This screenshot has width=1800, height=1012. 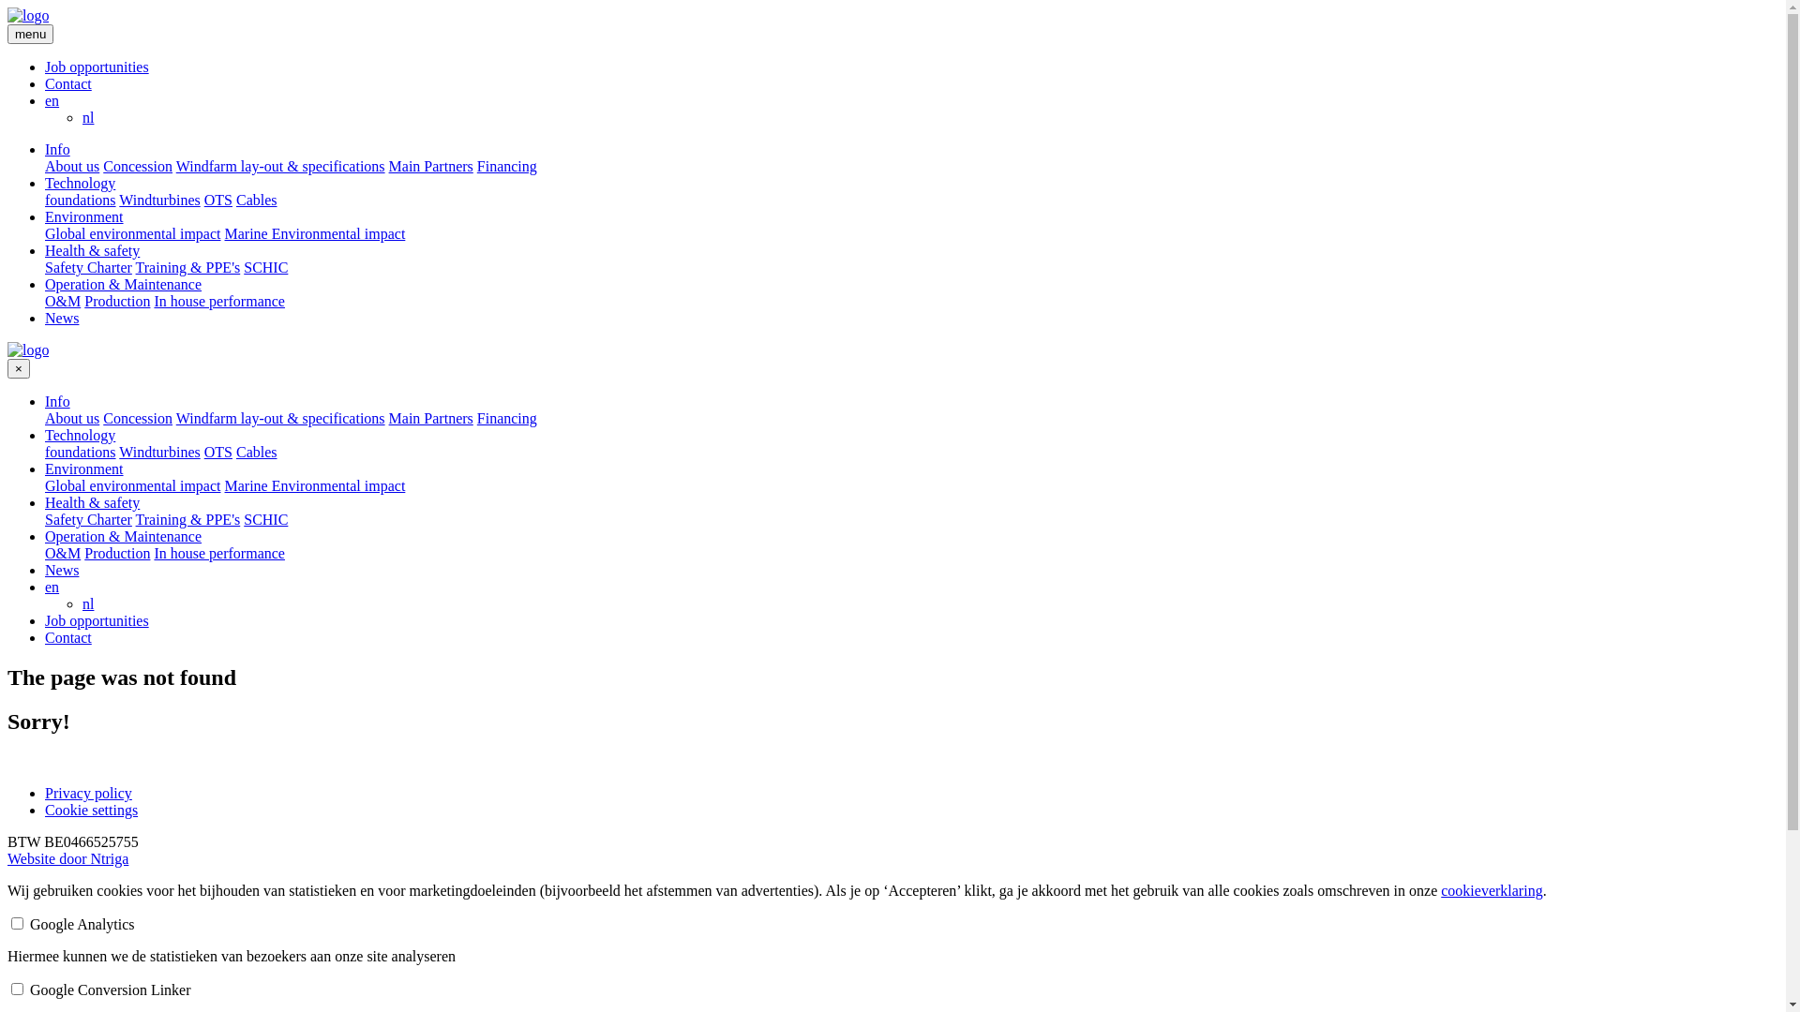 What do you see at coordinates (45, 232) in the screenshot?
I see `'Global environmental impact'` at bounding box center [45, 232].